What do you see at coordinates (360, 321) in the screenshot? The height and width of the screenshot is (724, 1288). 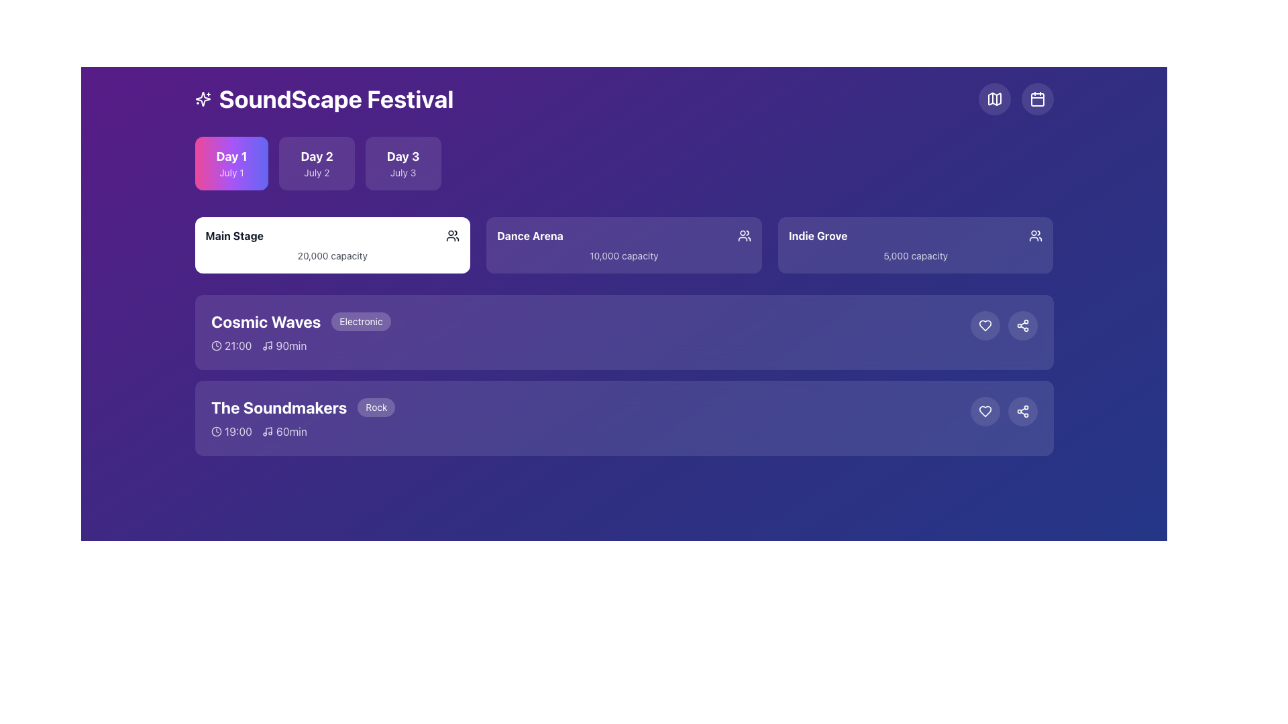 I see `the genre label positioned immediately to the right of the 'Cosmic Waves' text, located in the top half of the main content area` at bounding box center [360, 321].